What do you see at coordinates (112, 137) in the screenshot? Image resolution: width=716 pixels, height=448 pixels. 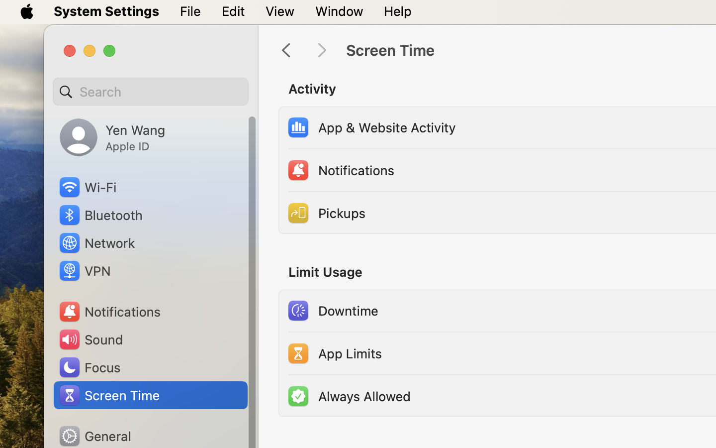 I see `'Yen Wang, Apple ID'` at bounding box center [112, 137].